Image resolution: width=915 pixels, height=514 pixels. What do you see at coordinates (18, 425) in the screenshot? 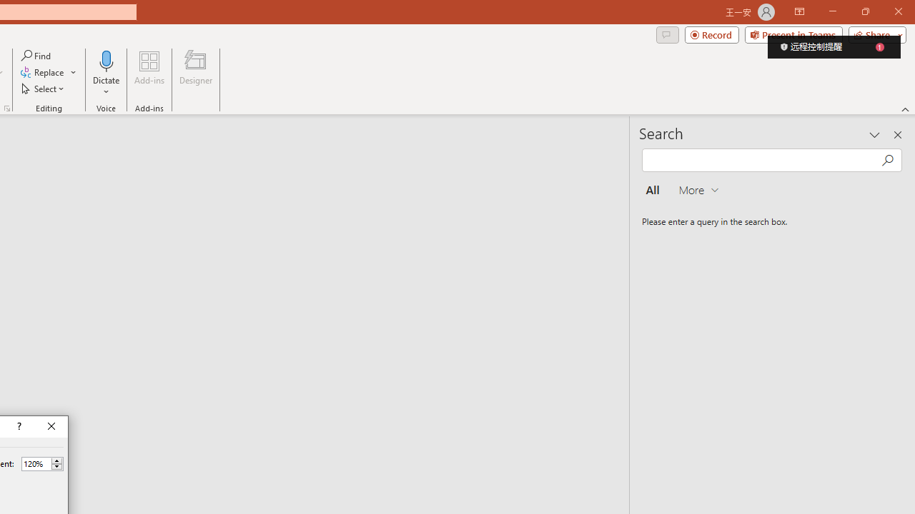
I see `'Context help'` at bounding box center [18, 425].